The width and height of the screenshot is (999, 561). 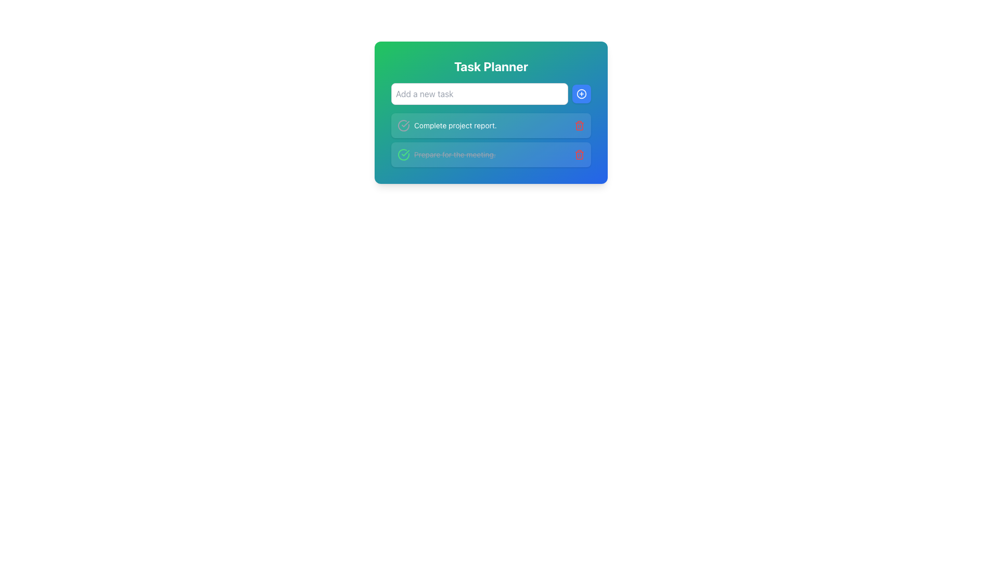 I want to click on the text element displaying the title of a completed task located in the second task item under the 'Task Planner' section, so click(x=455, y=154).